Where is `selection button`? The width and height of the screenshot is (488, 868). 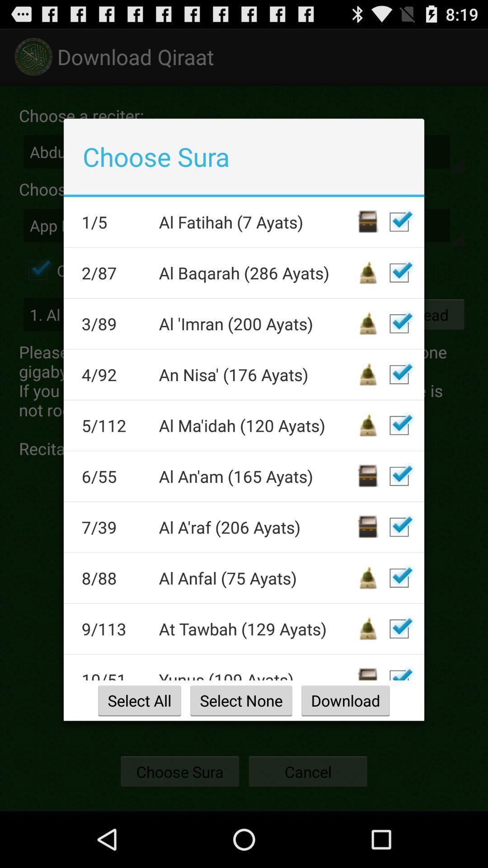 selection button is located at coordinates (399, 374).